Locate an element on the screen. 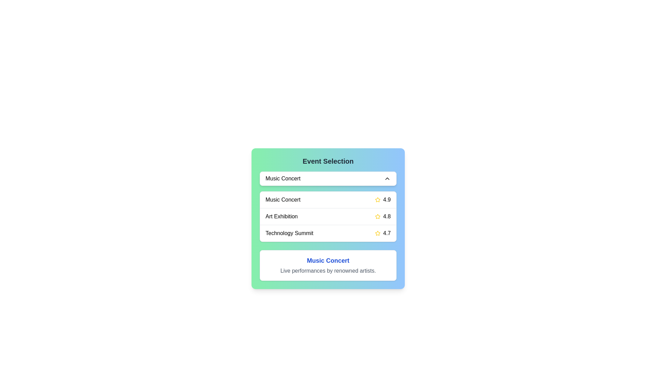 The width and height of the screenshot is (657, 369). the Text Label that provides additional information for the 'Music Concert' title, located beneath it within a bordered card is located at coordinates (328, 271).